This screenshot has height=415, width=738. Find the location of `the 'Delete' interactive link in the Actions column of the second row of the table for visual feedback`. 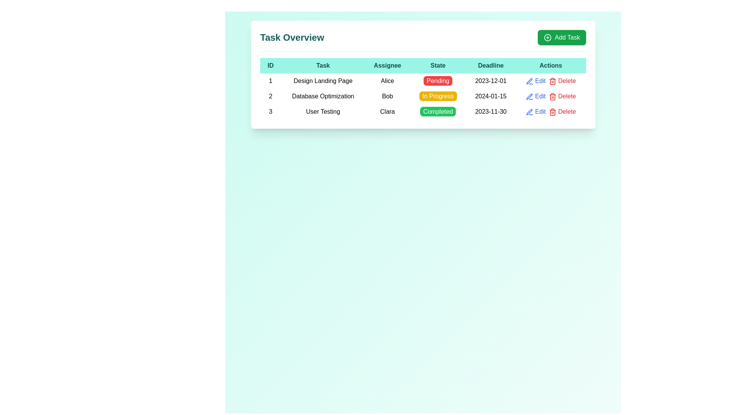

the 'Delete' interactive link in the Actions column of the second row of the table for visual feedback is located at coordinates (550, 96).